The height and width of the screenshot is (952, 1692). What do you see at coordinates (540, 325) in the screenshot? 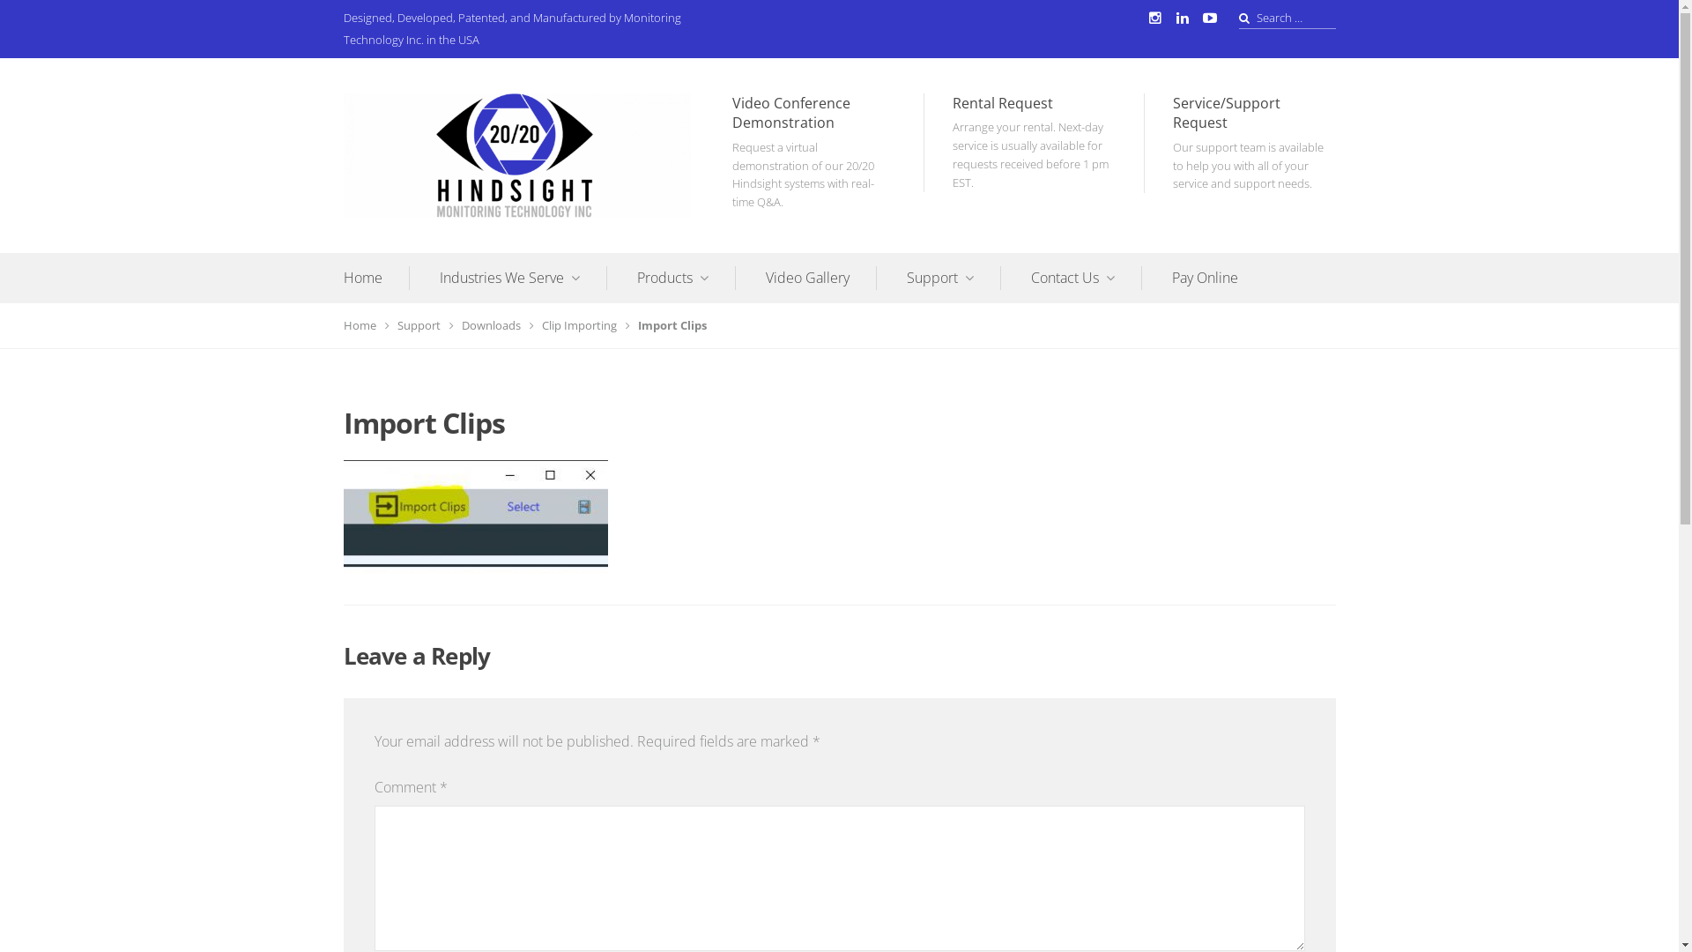
I see `'Clip Importing'` at bounding box center [540, 325].